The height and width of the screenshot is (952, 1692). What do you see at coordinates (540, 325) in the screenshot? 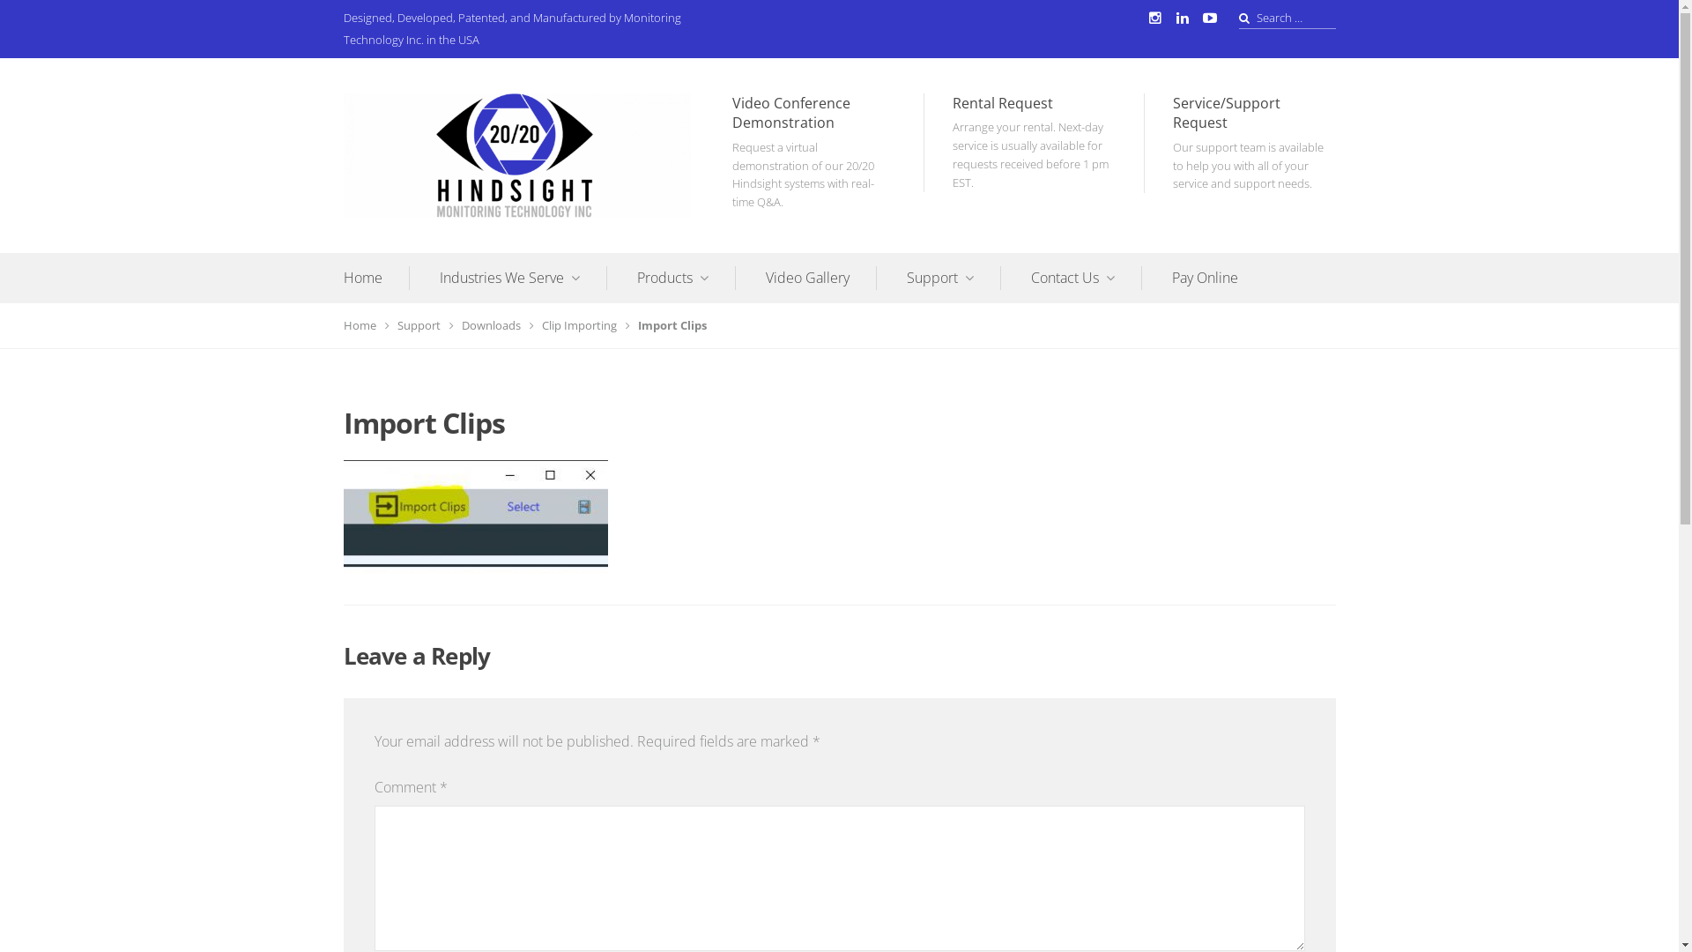
I see `'Clip Importing'` at bounding box center [540, 325].